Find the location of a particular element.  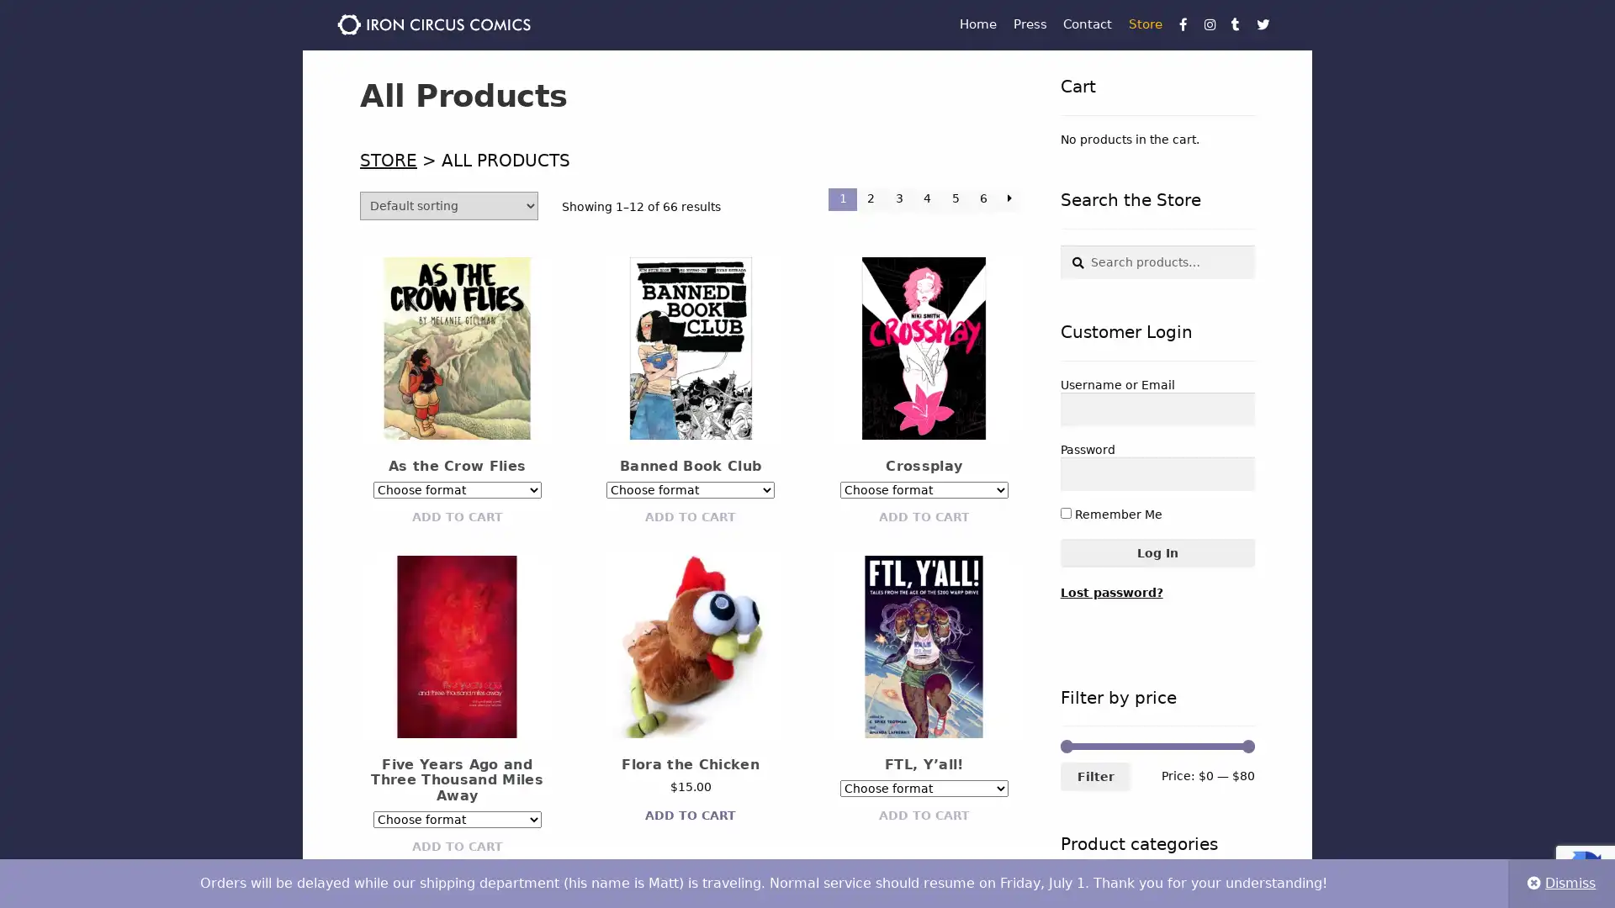

Log In is located at coordinates (1156, 552).